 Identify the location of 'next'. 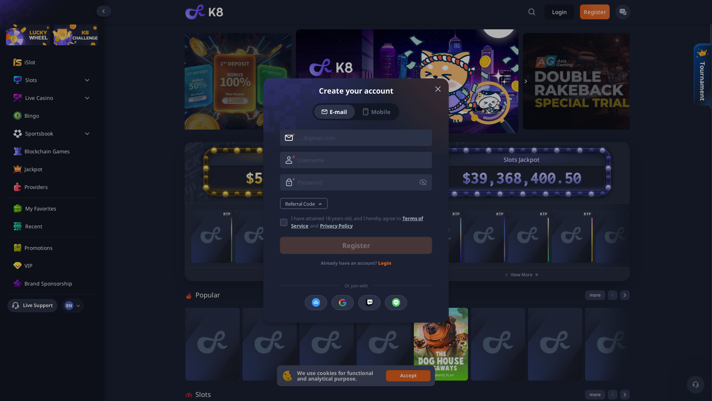
(624, 294).